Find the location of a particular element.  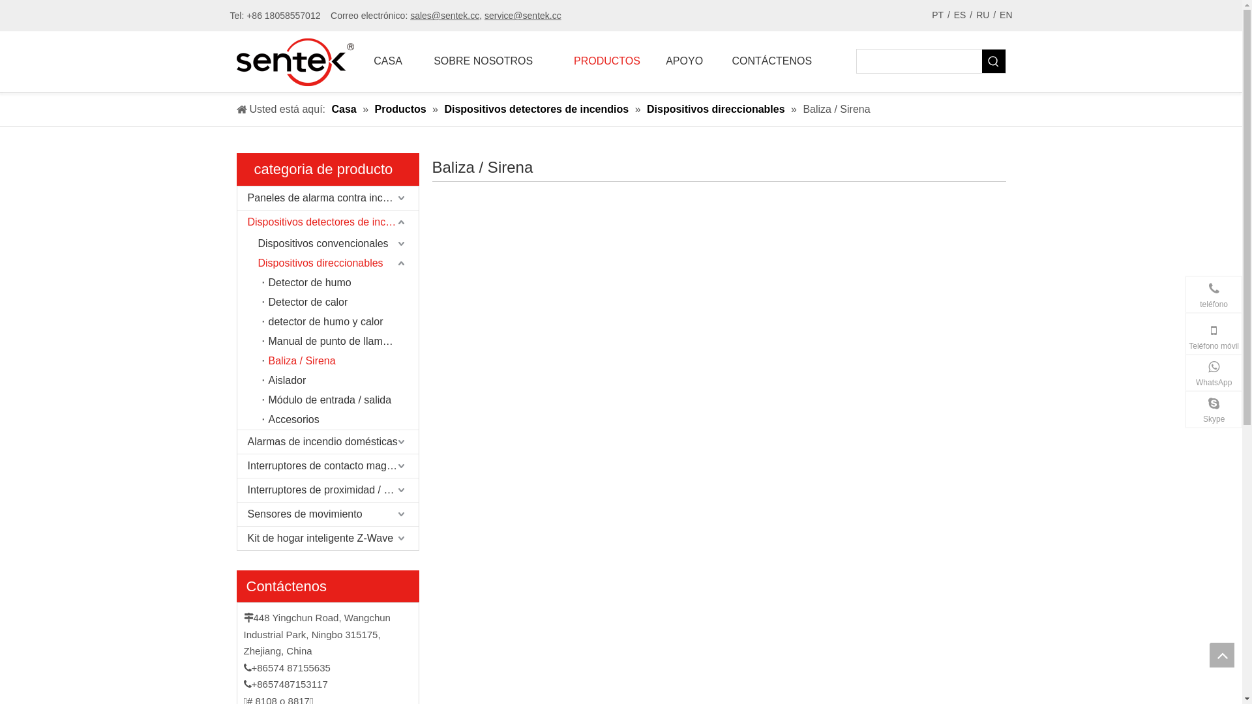

'Paneles de alarma contra incendios' is located at coordinates (328, 198).